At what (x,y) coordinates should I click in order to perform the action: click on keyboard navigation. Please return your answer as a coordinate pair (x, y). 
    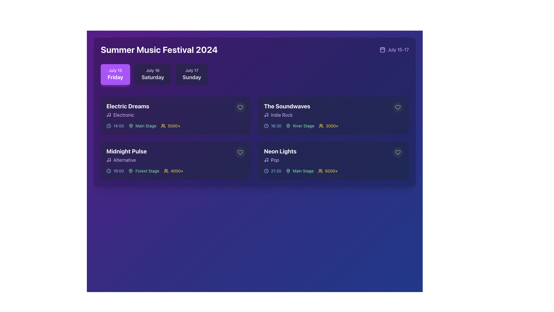
    Looking at the image, I should click on (240, 107).